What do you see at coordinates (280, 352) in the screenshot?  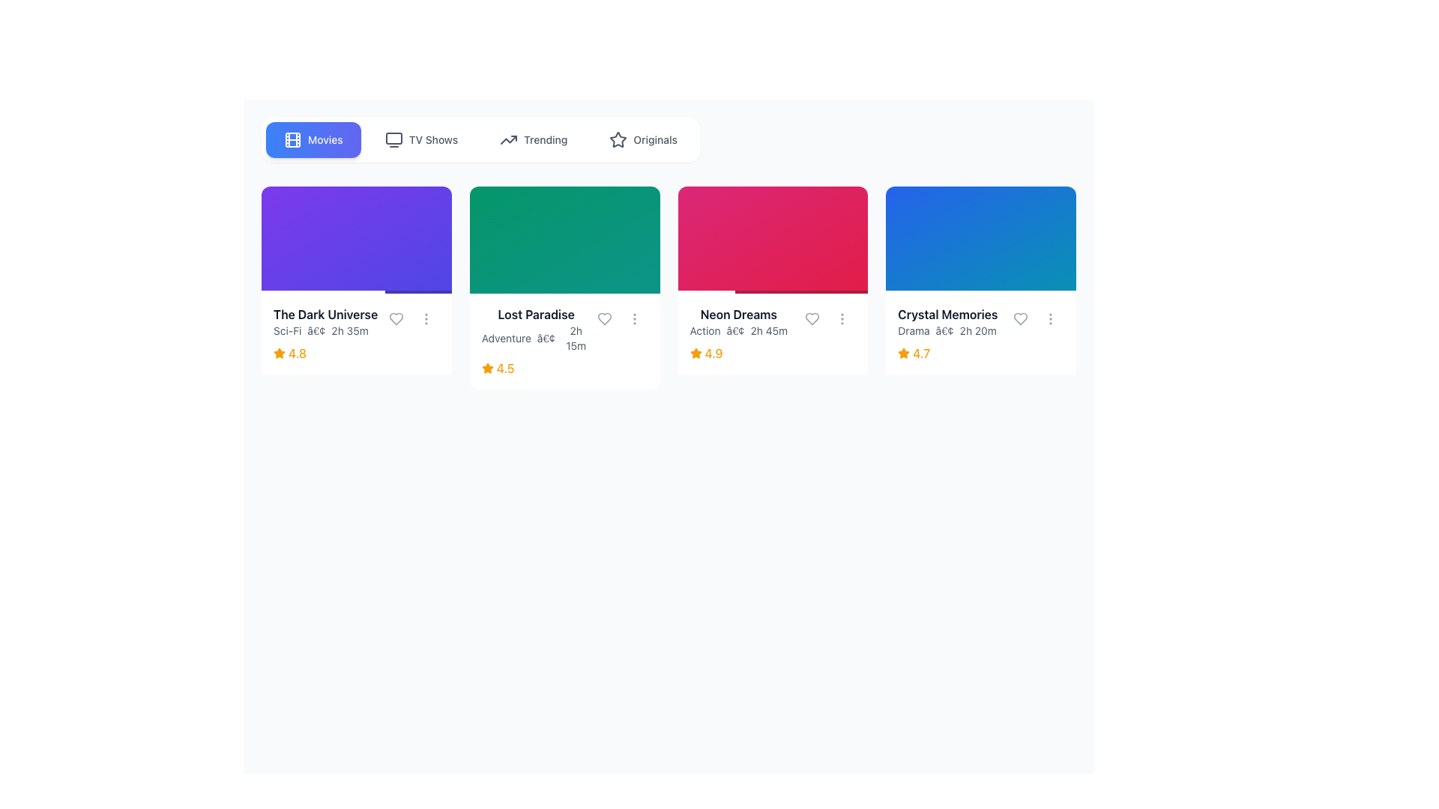 I see `the star icon representing a rating for 'The Dark Universe' which shows a rating of '4.8'` at bounding box center [280, 352].